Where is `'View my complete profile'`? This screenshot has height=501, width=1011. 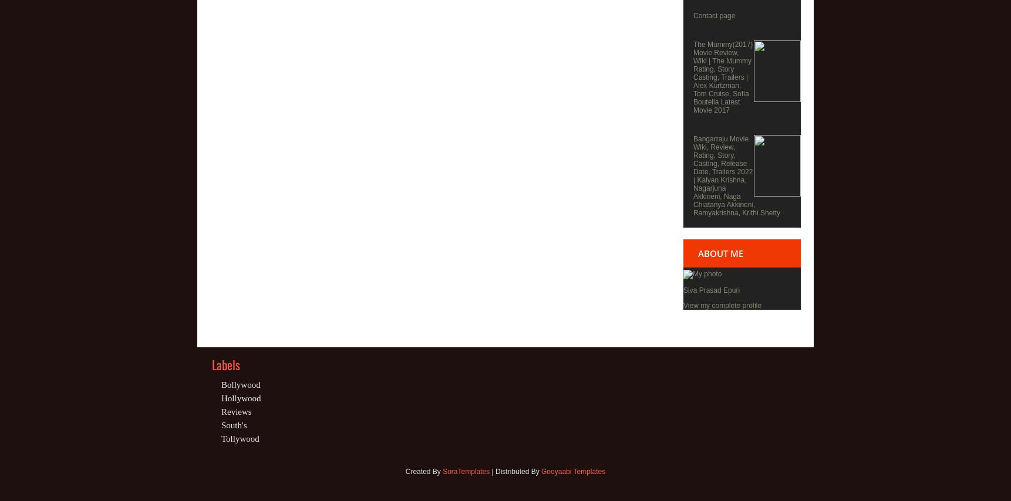 'View my complete profile' is located at coordinates (722, 305).